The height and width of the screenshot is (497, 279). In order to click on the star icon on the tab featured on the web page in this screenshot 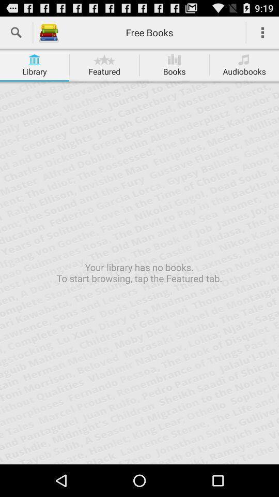, I will do `click(104, 60)`.